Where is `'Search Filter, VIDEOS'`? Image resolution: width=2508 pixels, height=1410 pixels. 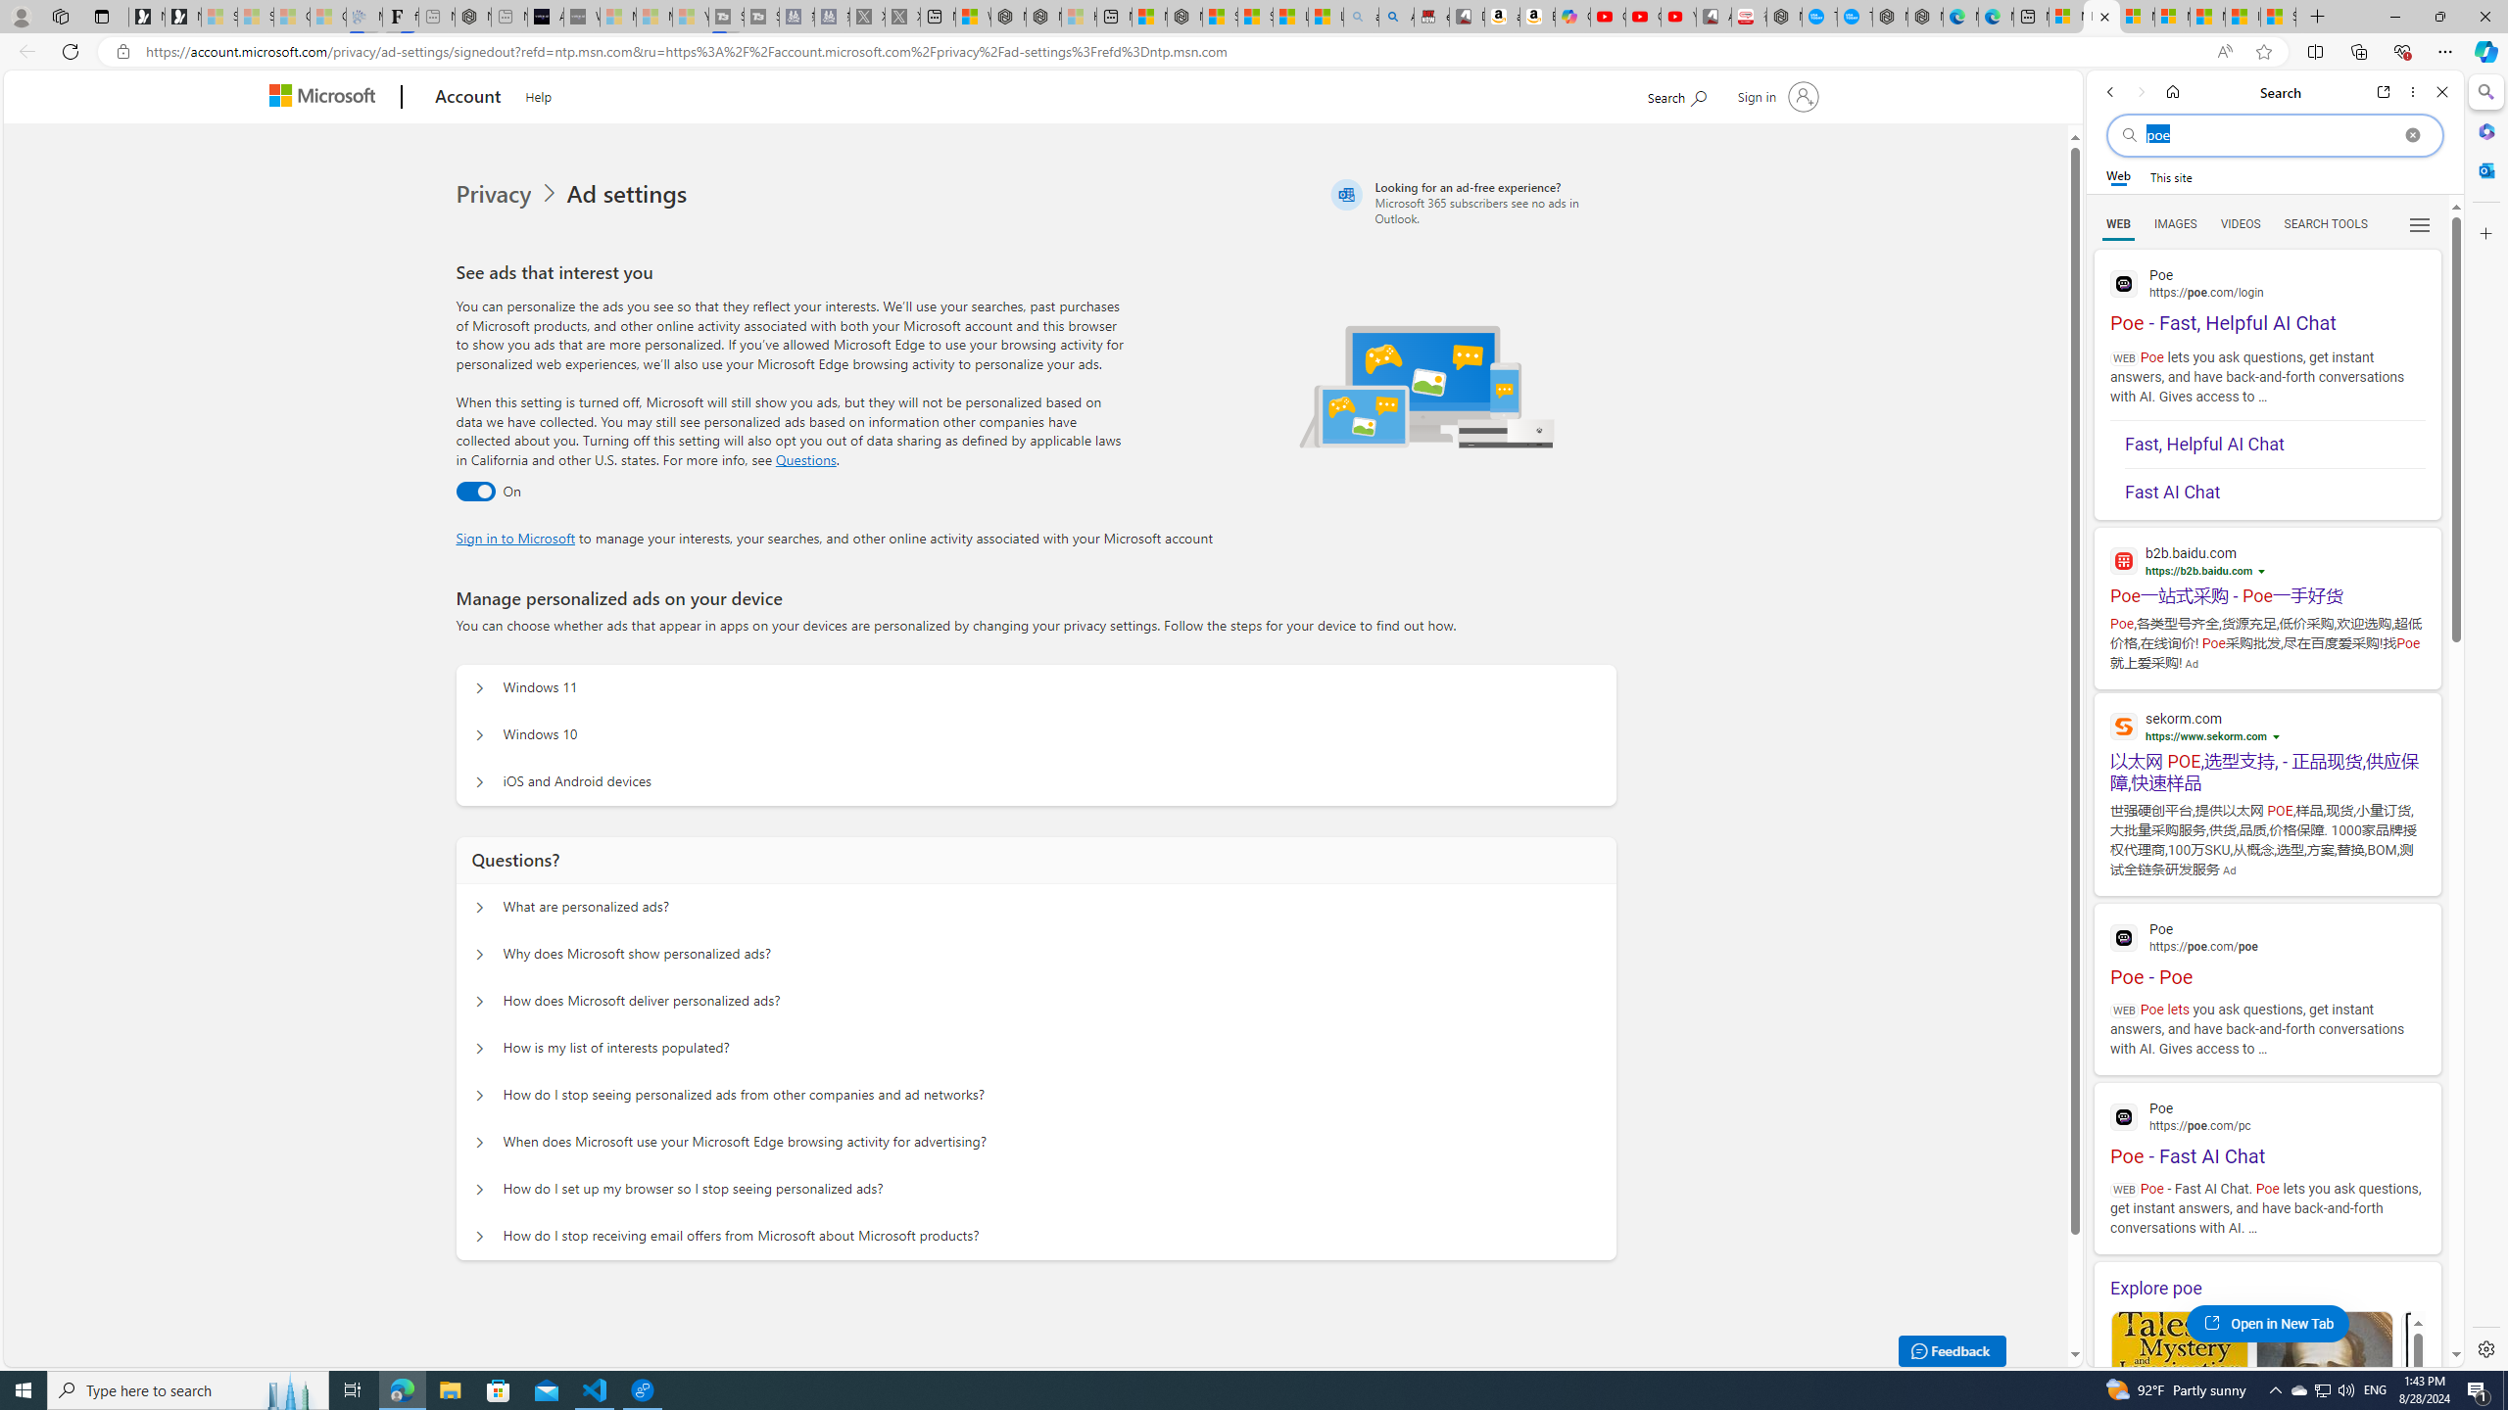 'Search Filter, VIDEOS' is located at coordinates (2240, 222).